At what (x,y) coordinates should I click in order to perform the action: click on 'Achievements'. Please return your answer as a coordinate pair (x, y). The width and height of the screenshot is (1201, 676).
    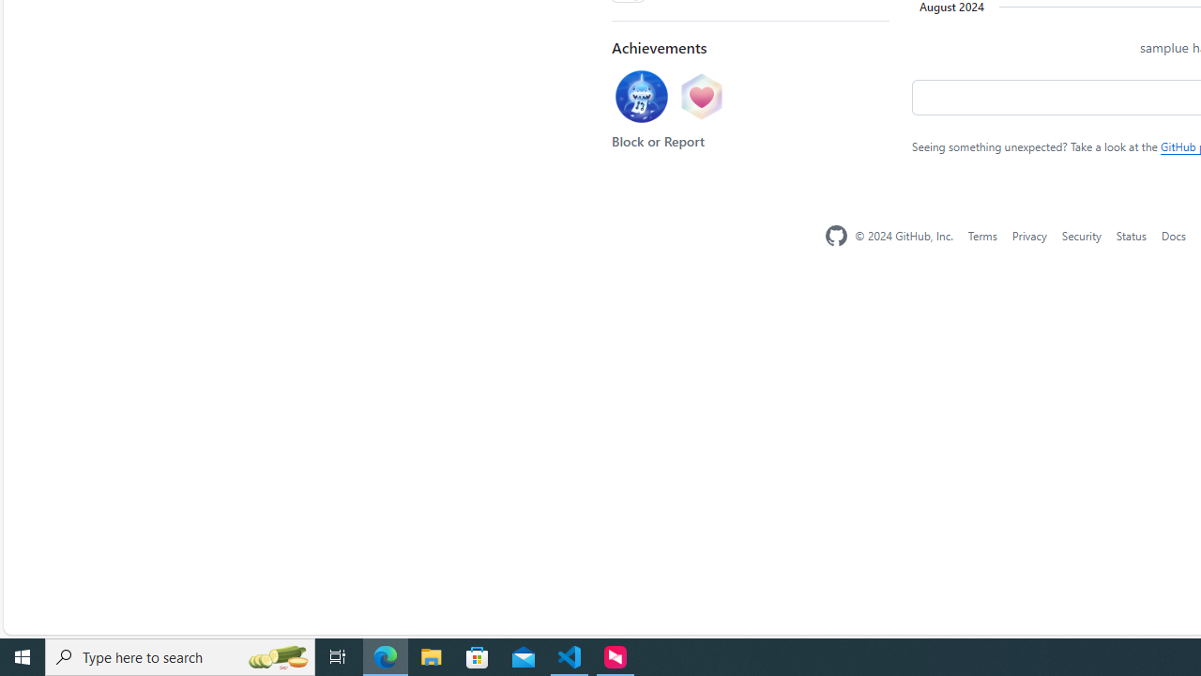
    Looking at the image, I should click on (659, 46).